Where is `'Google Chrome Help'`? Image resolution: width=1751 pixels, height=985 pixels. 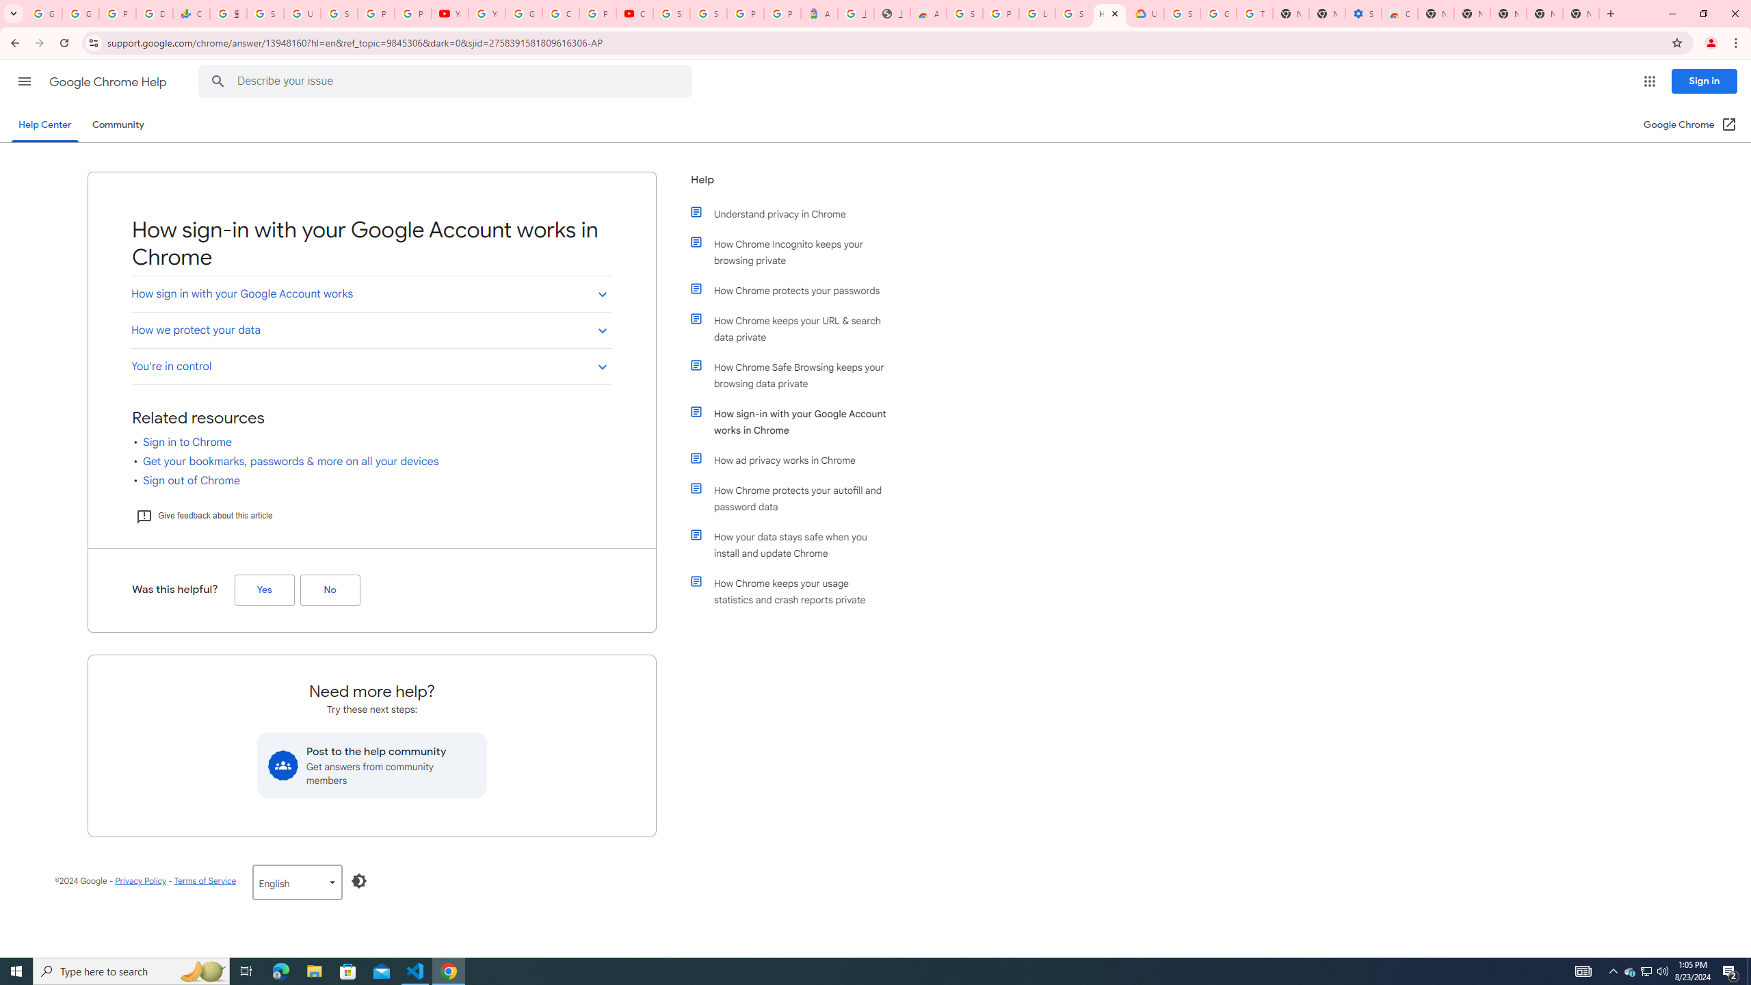
'Google Chrome Help' is located at coordinates (109, 81).